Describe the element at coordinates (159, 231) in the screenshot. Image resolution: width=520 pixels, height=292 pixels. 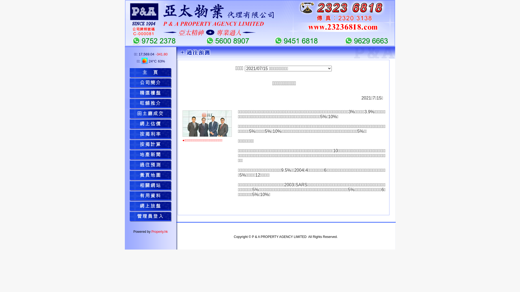
I see `'Property.hk'` at that location.